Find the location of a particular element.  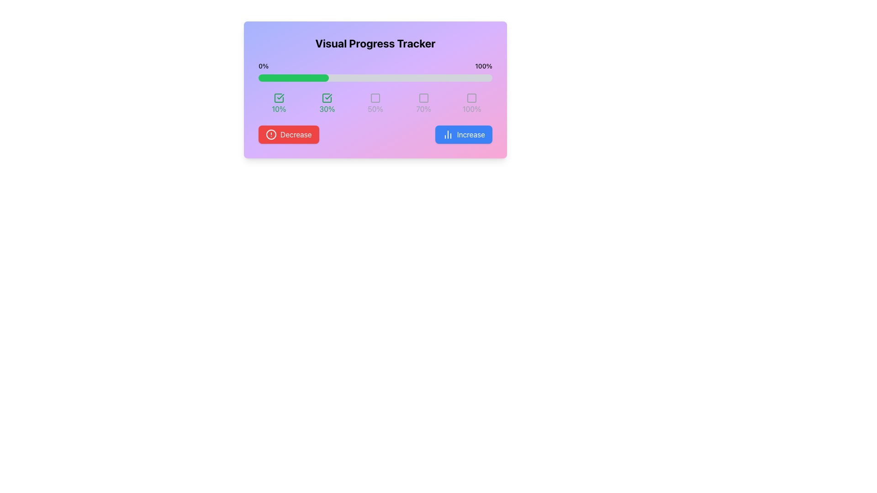

the square-shaped icon outlined in gray at the right end of the progress tracker interface, which is centrally placed above the label '100%' is located at coordinates (472, 98).